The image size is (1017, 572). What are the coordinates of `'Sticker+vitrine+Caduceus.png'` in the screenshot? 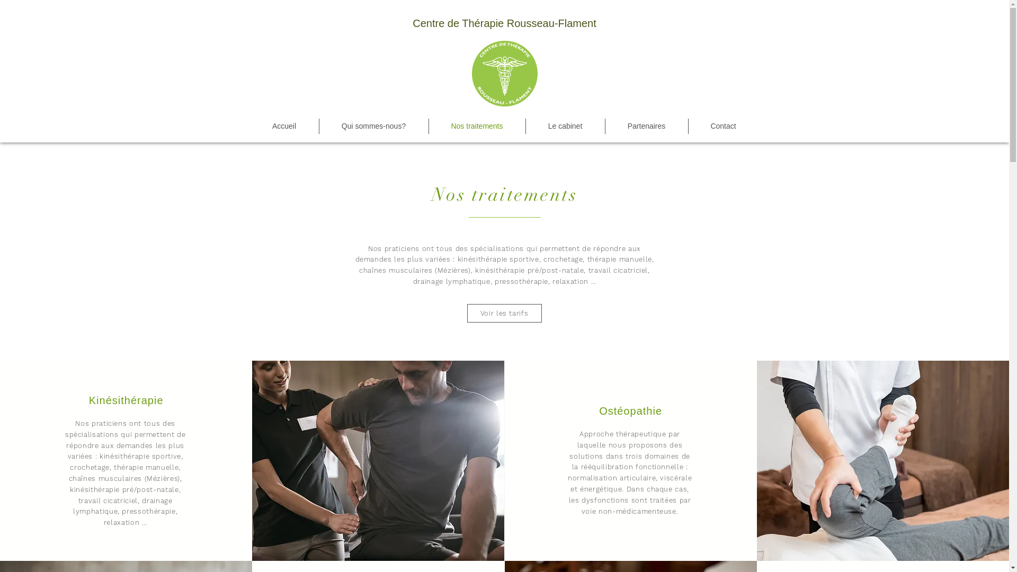 It's located at (503, 73).